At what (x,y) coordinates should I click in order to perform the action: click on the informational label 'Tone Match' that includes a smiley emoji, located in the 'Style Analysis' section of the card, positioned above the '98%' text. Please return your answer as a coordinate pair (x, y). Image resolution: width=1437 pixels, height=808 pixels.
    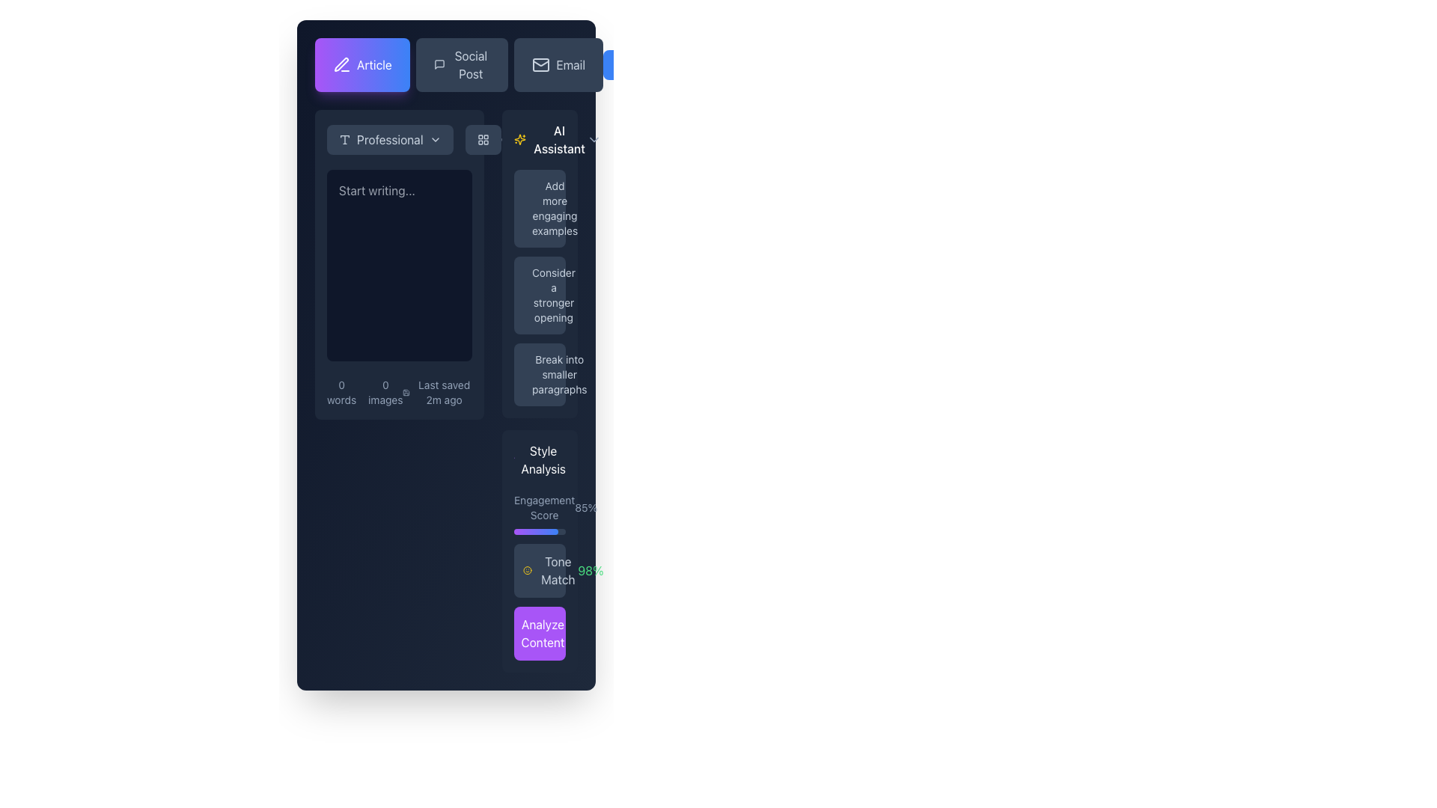
    Looking at the image, I should click on (549, 571).